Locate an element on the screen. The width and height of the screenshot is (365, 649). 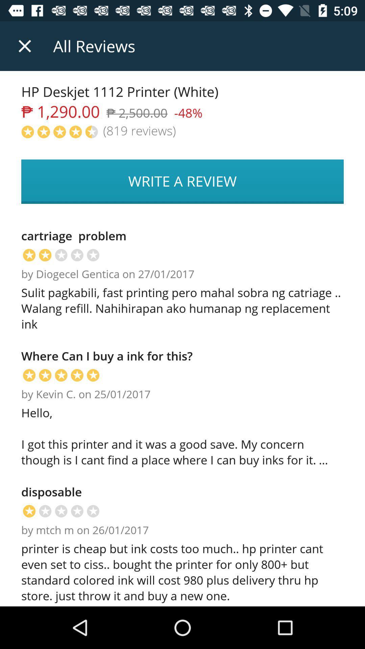
the icon above cartriage  problem is located at coordinates (182, 182).